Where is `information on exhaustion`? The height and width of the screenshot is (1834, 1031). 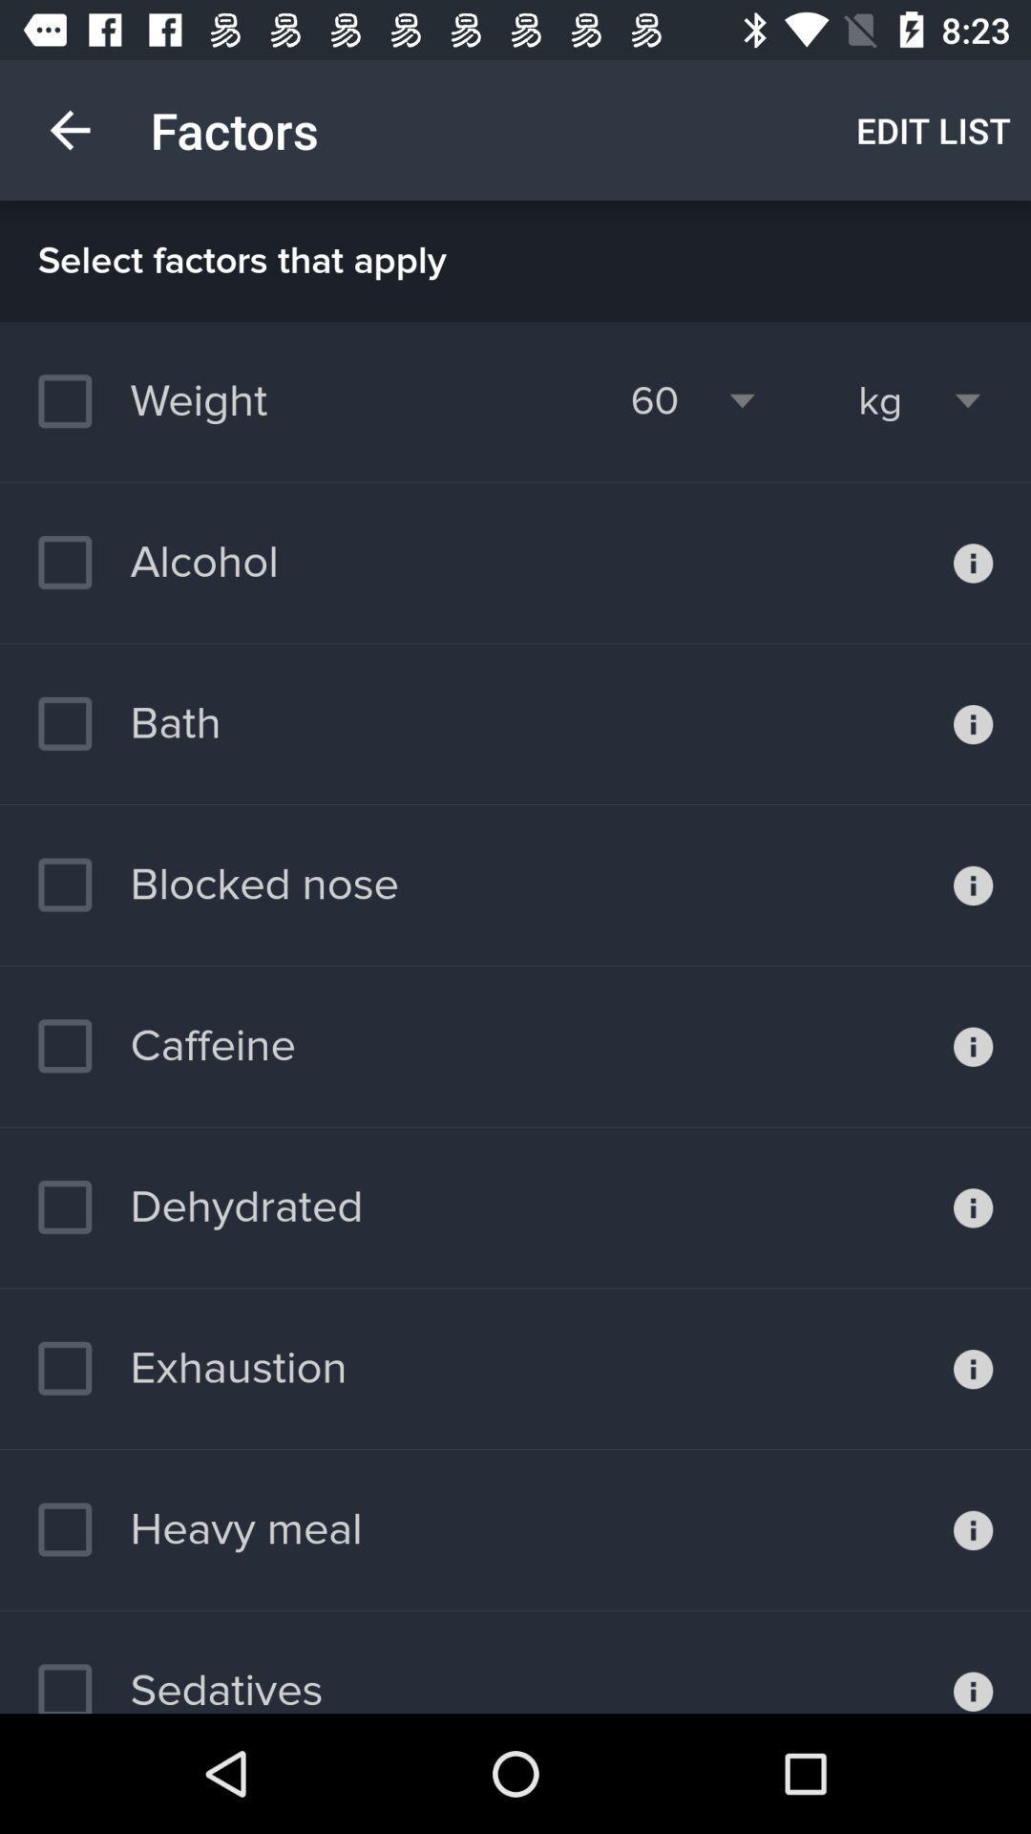 information on exhaustion is located at coordinates (973, 1368).